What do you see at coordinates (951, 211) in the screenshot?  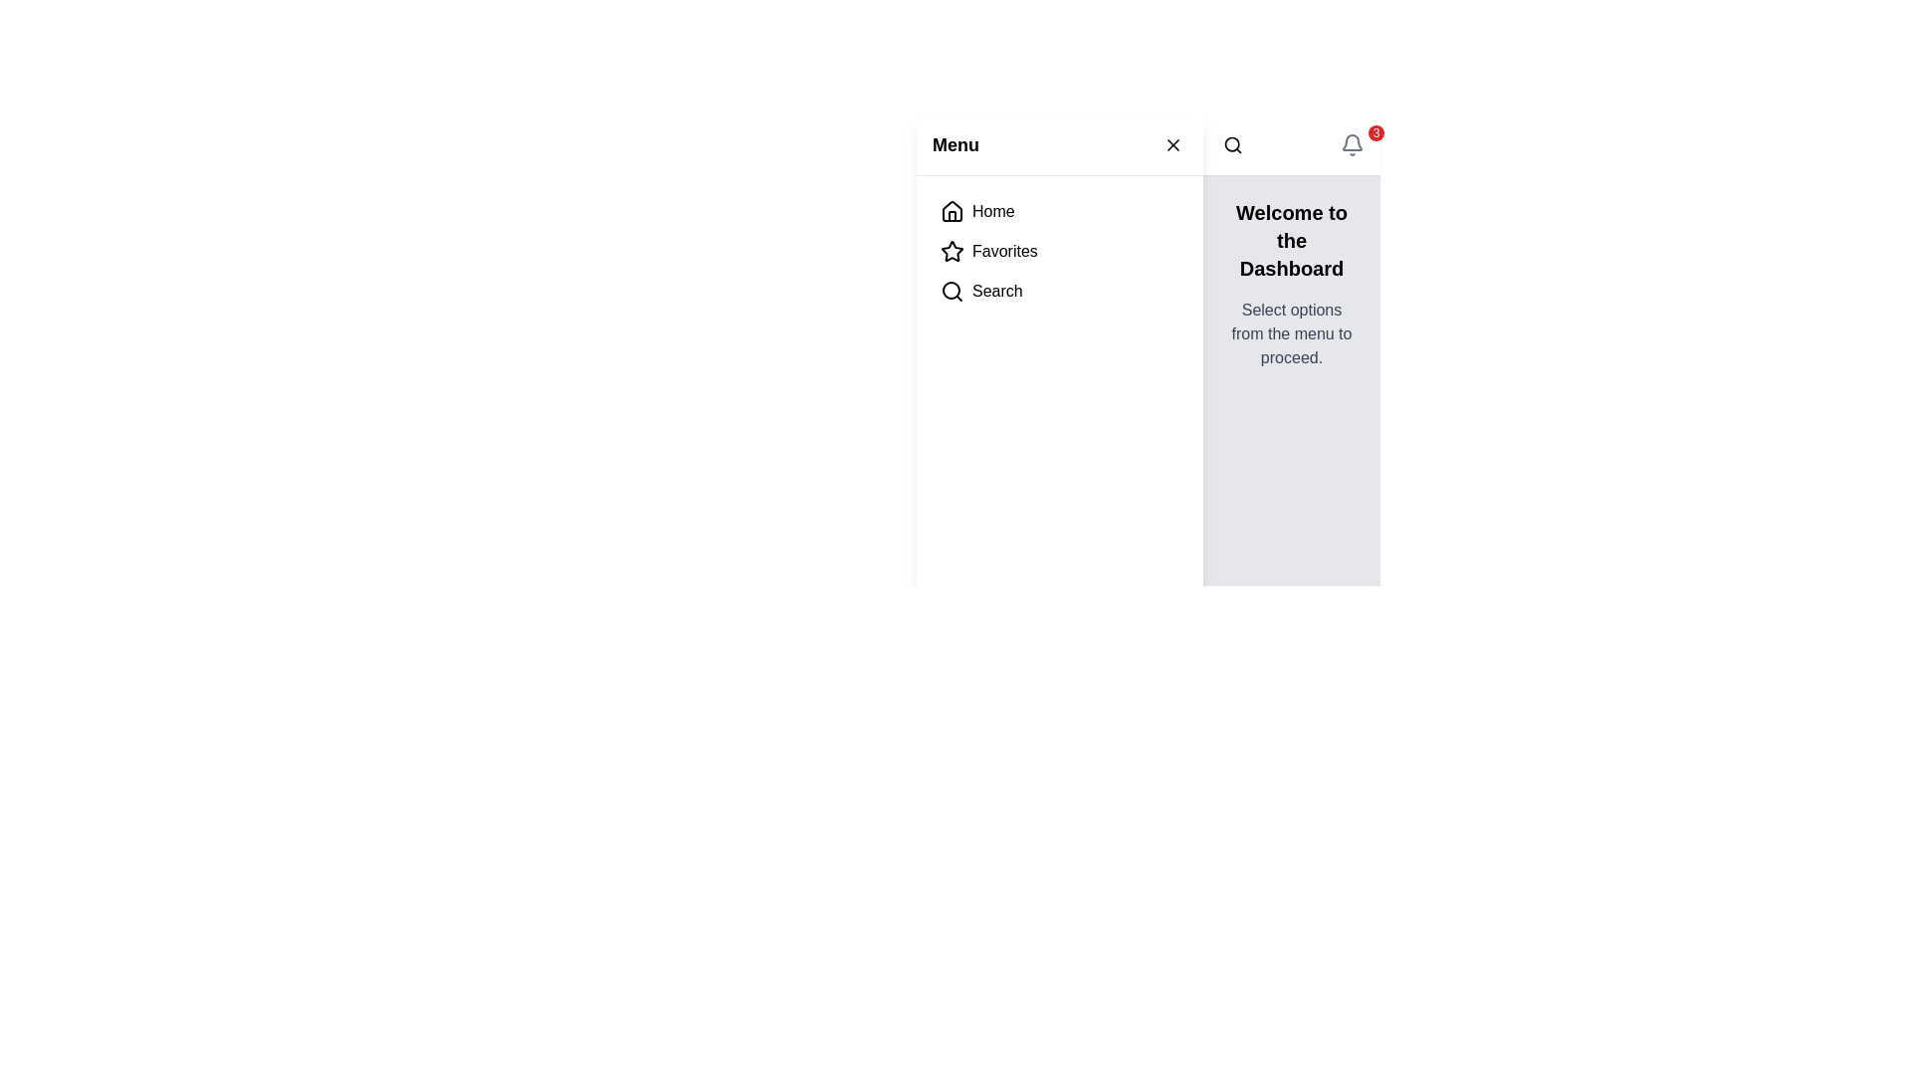 I see `the 'Home' button icon located in the top left corner of the navigation sidebar` at bounding box center [951, 211].